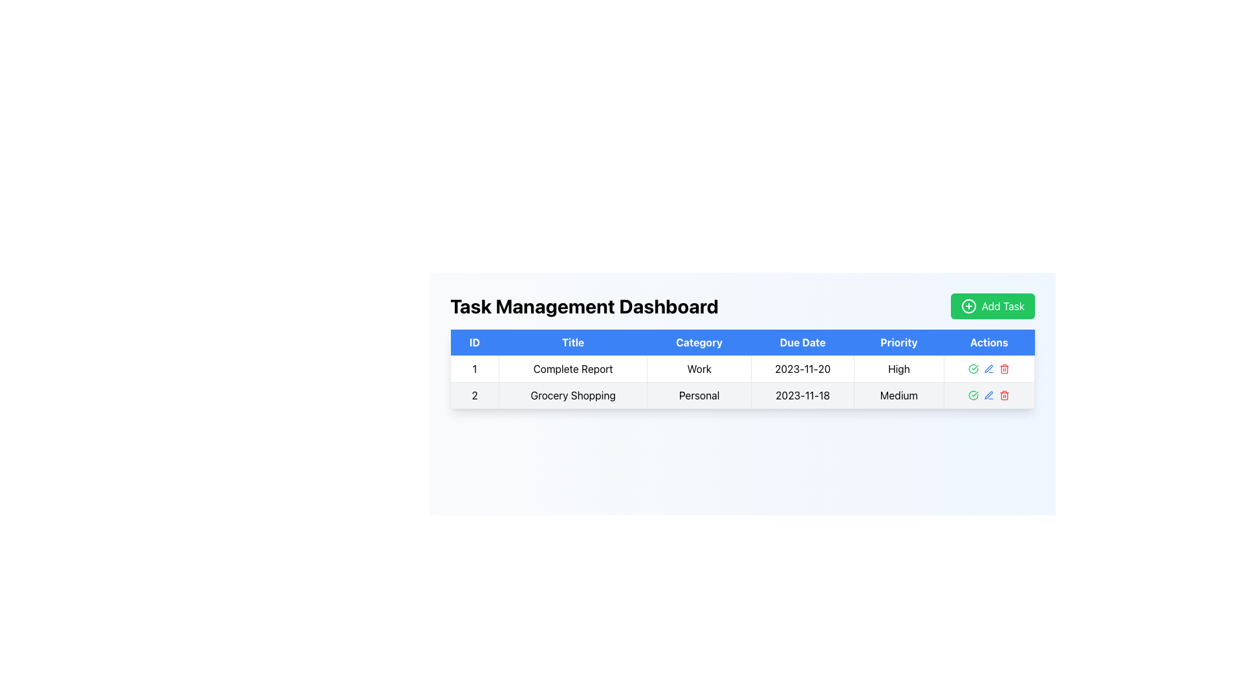  What do you see at coordinates (988, 368) in the screenshot?
I see `the pencil icon with a blue outline located in the 'Actions' column of the first row in the table` at bounding box center [988, 368].